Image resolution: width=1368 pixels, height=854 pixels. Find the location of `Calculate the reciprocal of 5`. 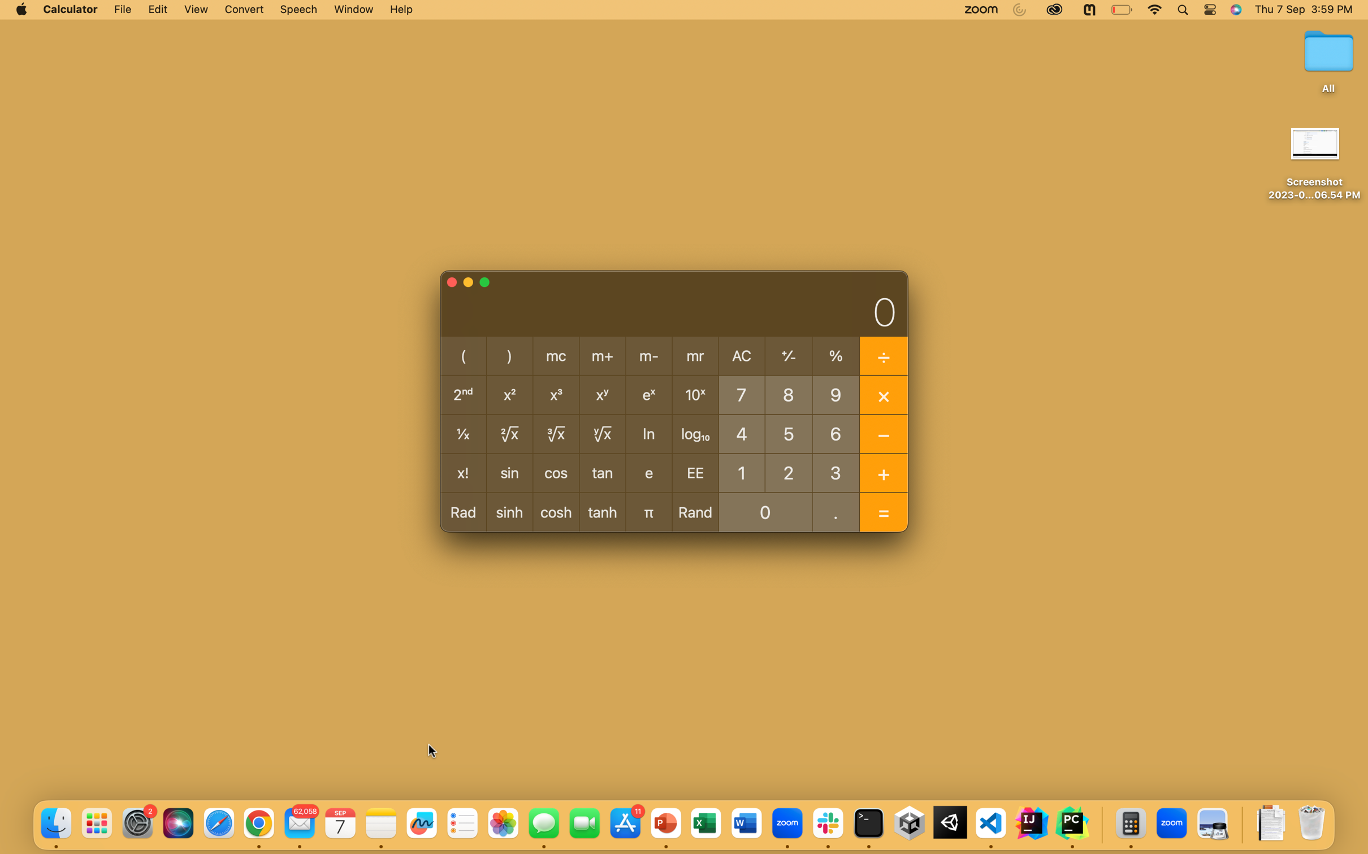

Calculate the reciprocal of 5 is located at coordinates (789, 432).